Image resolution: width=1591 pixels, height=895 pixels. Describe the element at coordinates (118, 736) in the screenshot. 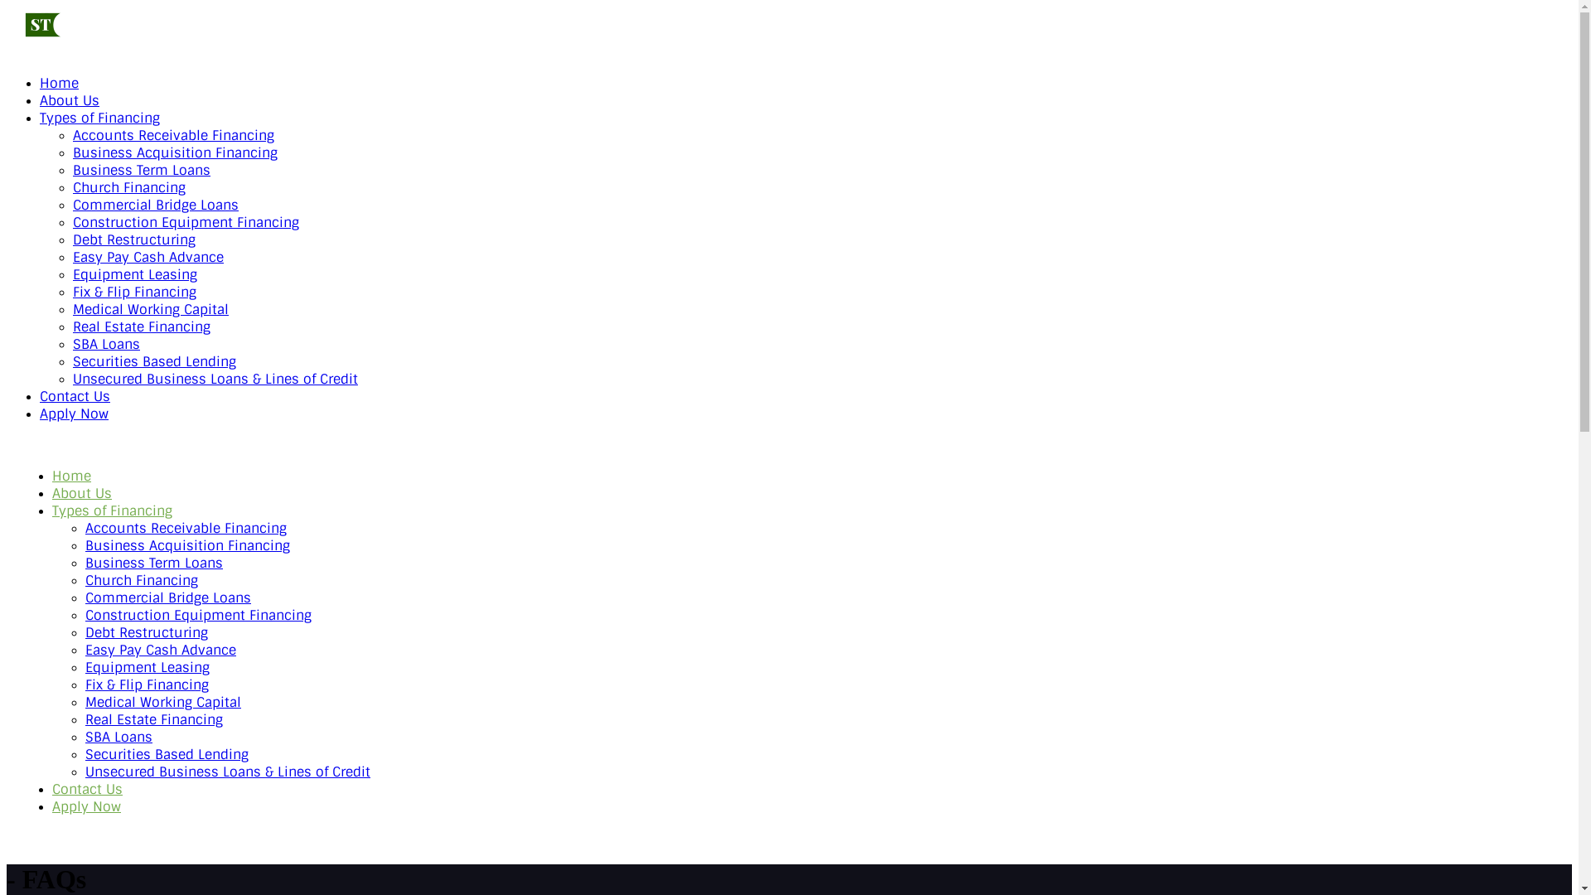

I see `'SBA Loans'` at that location.